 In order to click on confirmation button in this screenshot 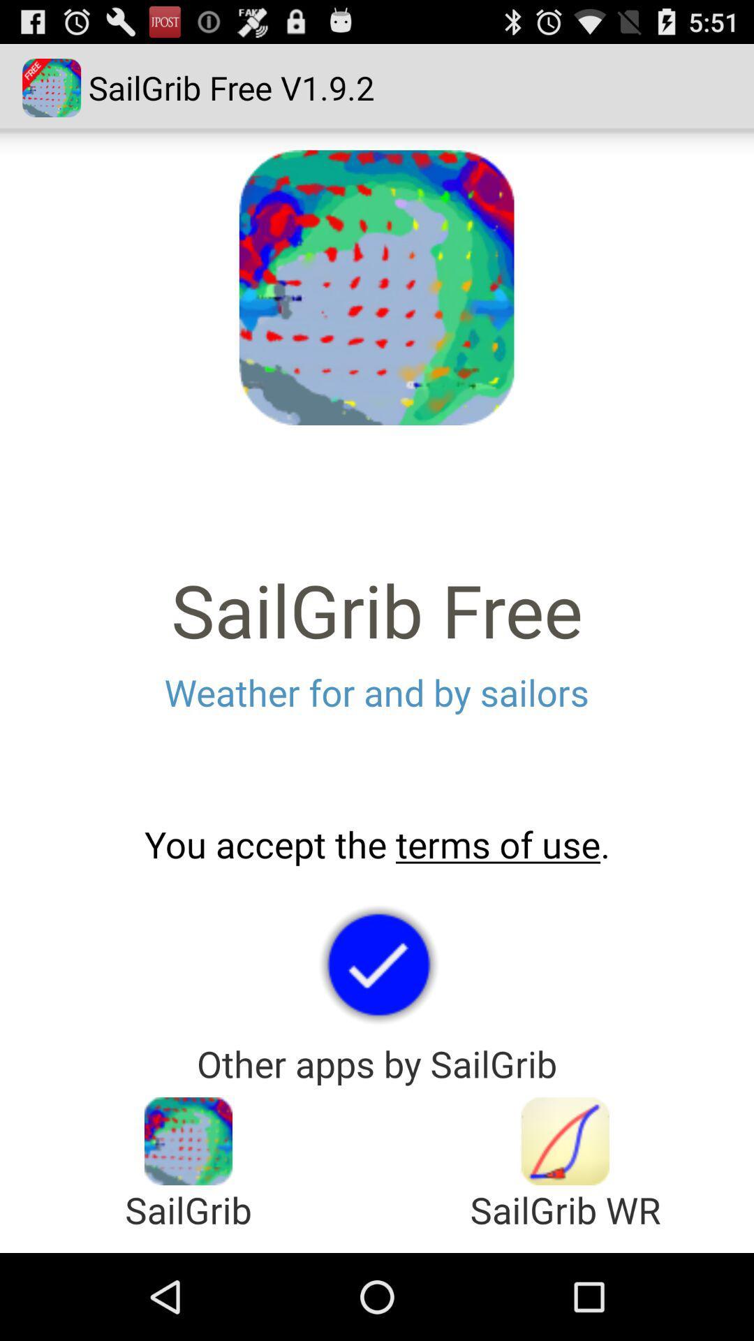, I will do `click(377, 963)`.